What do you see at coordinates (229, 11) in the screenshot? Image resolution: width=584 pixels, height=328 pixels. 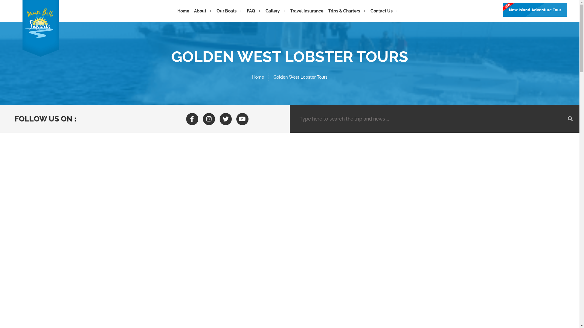 I see `'Our Boats'` at bounding box center [229, 11].